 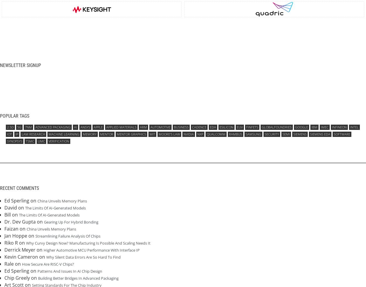 I want to click on 'Why Silent Data Errors Are So Hard To Find', so click(x=83, y=257).